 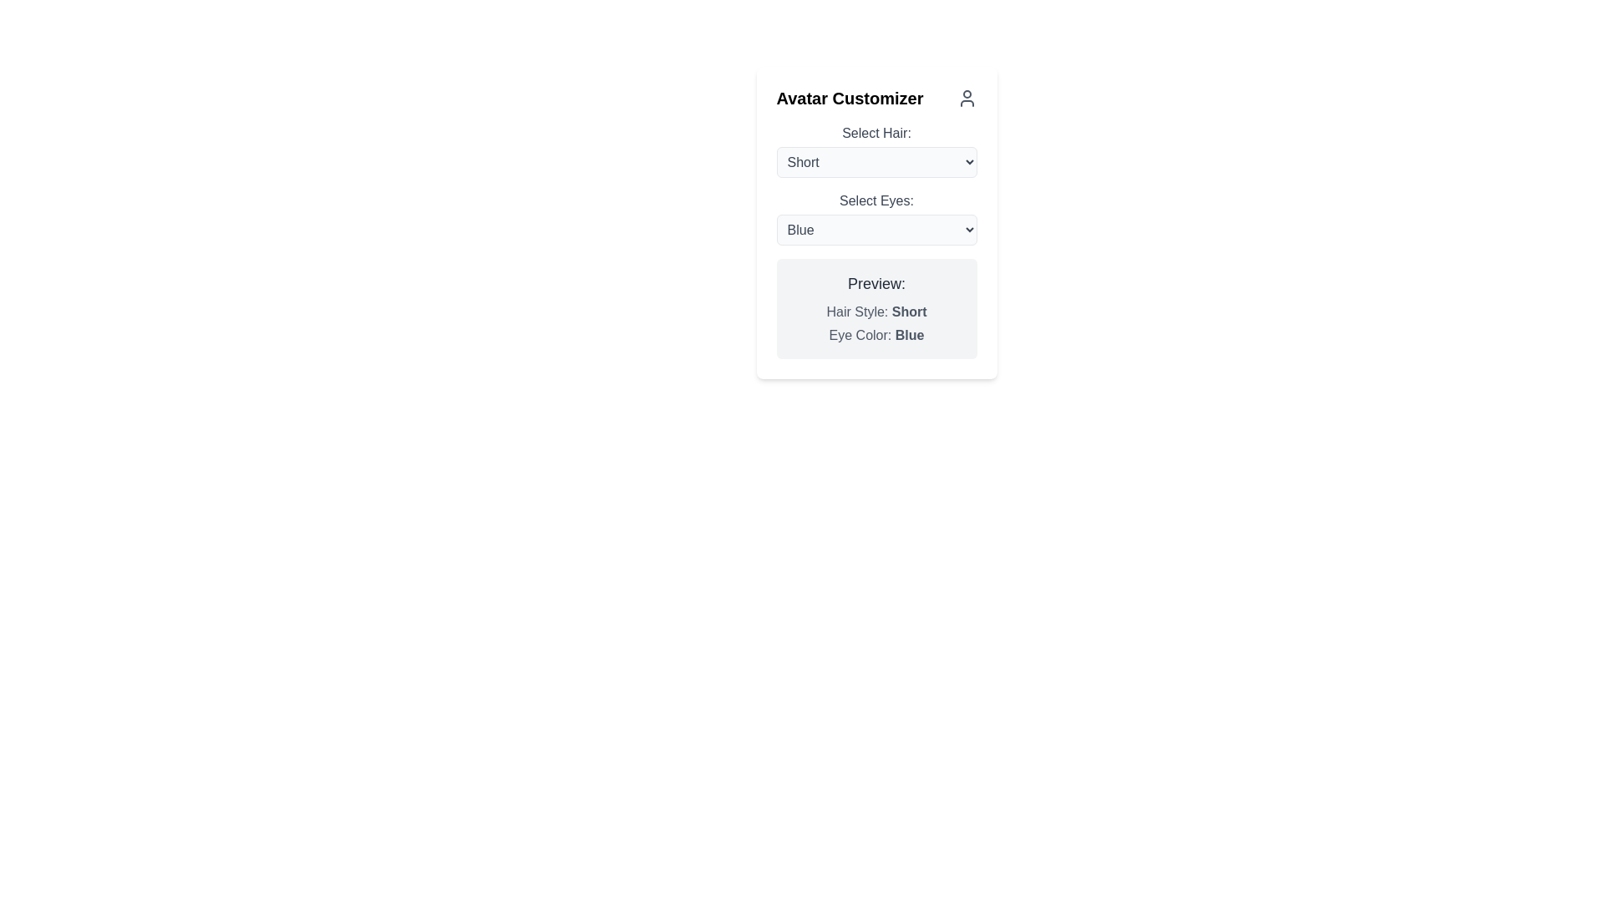 I want to click on the text label reading 'Preview:' which is styled in a larger bold font and appears in dark gray, located near the middle right of the interface, to possibly reveal more details, so click(x=876, y=282).